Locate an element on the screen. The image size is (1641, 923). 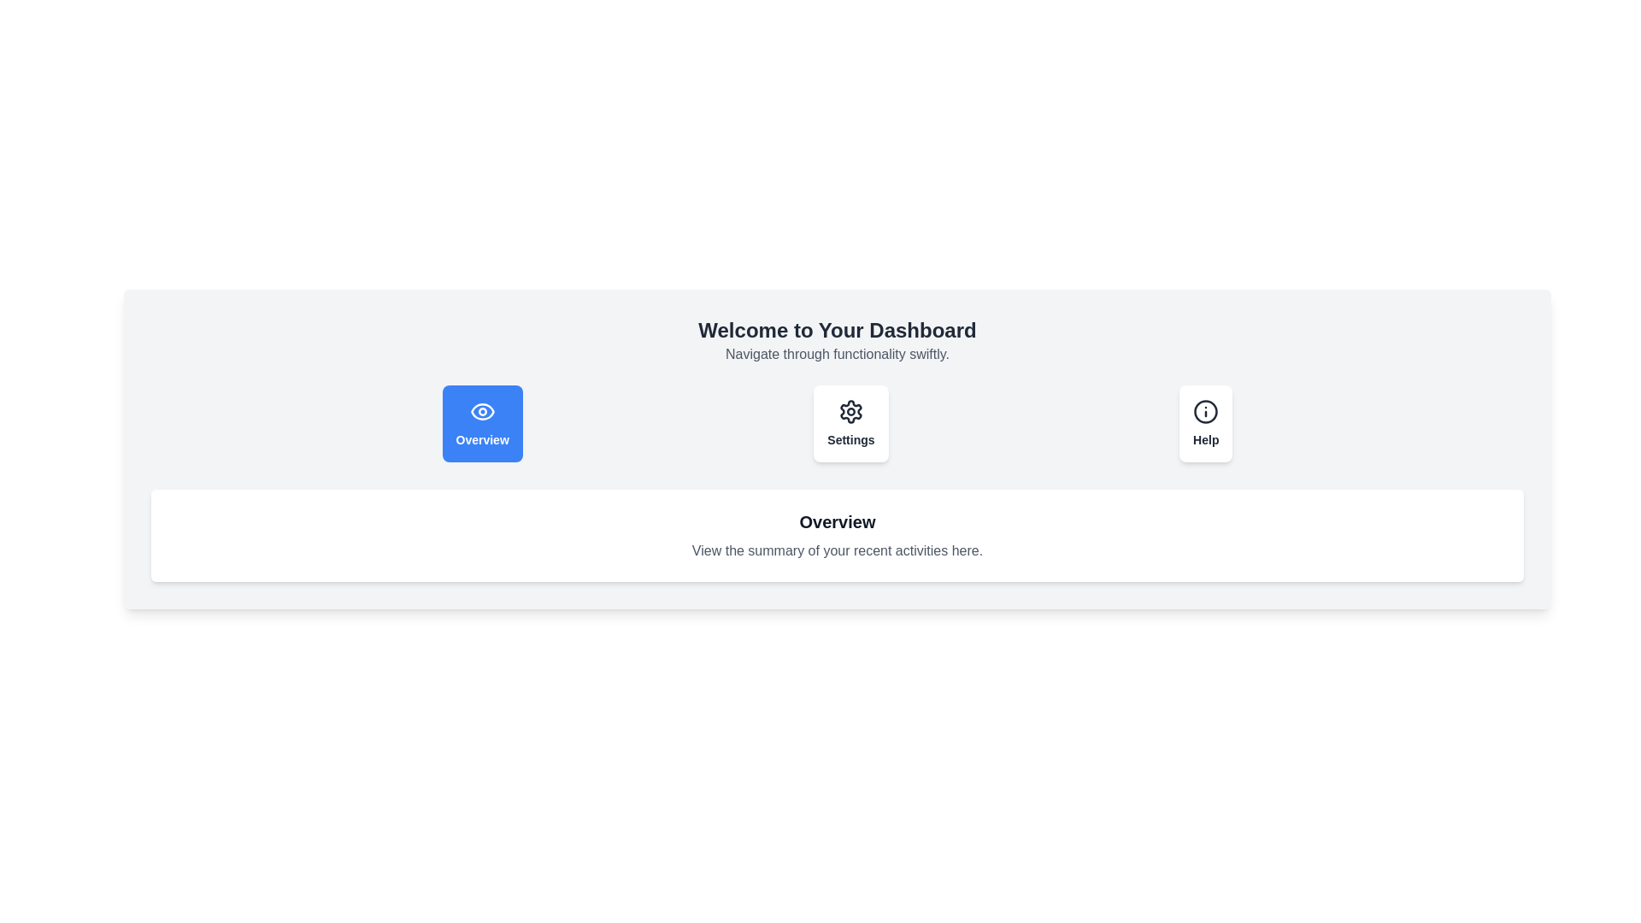
the 'Settings' button, which is a rectangular button with a white background and a gear icon is located at coordinates (850, 423).